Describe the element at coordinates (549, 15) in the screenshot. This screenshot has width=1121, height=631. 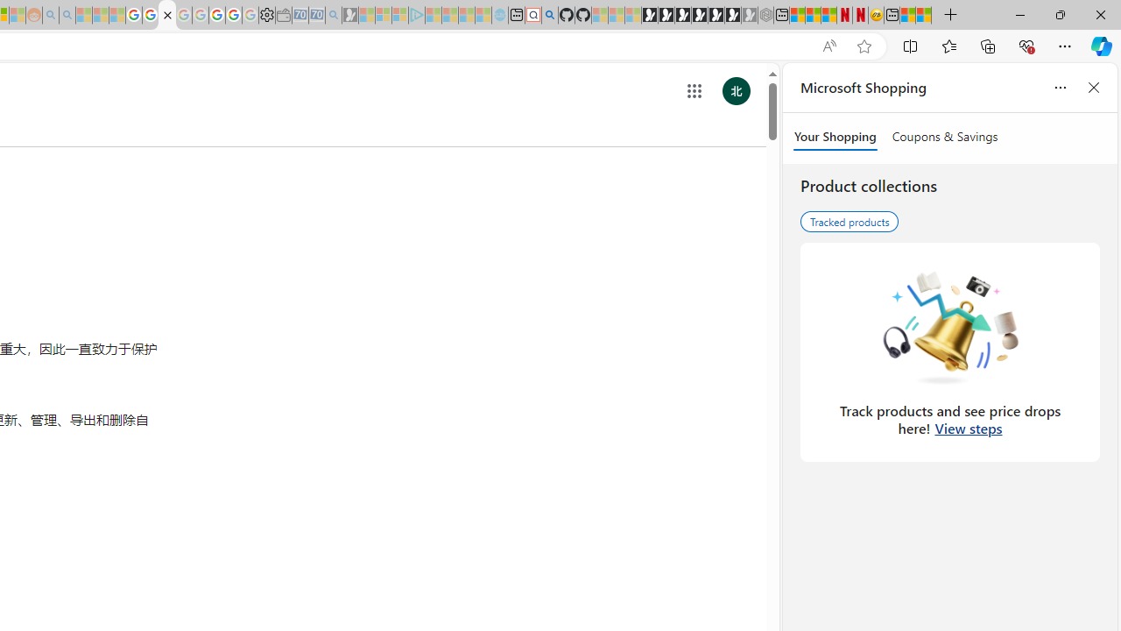
I see `'github - Search'` at that location.